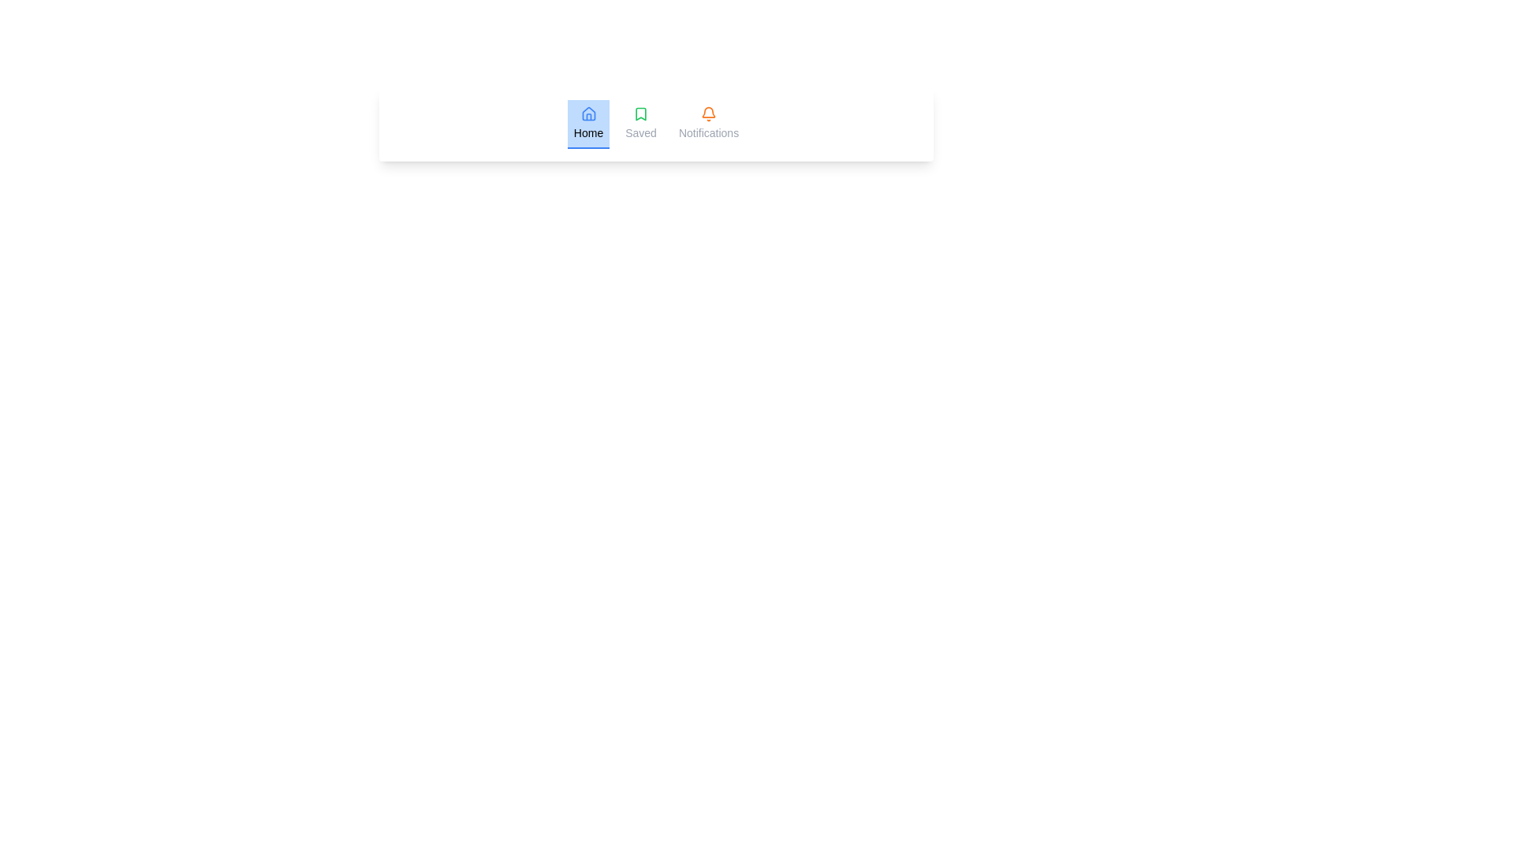 The height and width of the screenshot is (851, 1514). I want to click on the Notifications category to see its hover effect, so click(707, 124).